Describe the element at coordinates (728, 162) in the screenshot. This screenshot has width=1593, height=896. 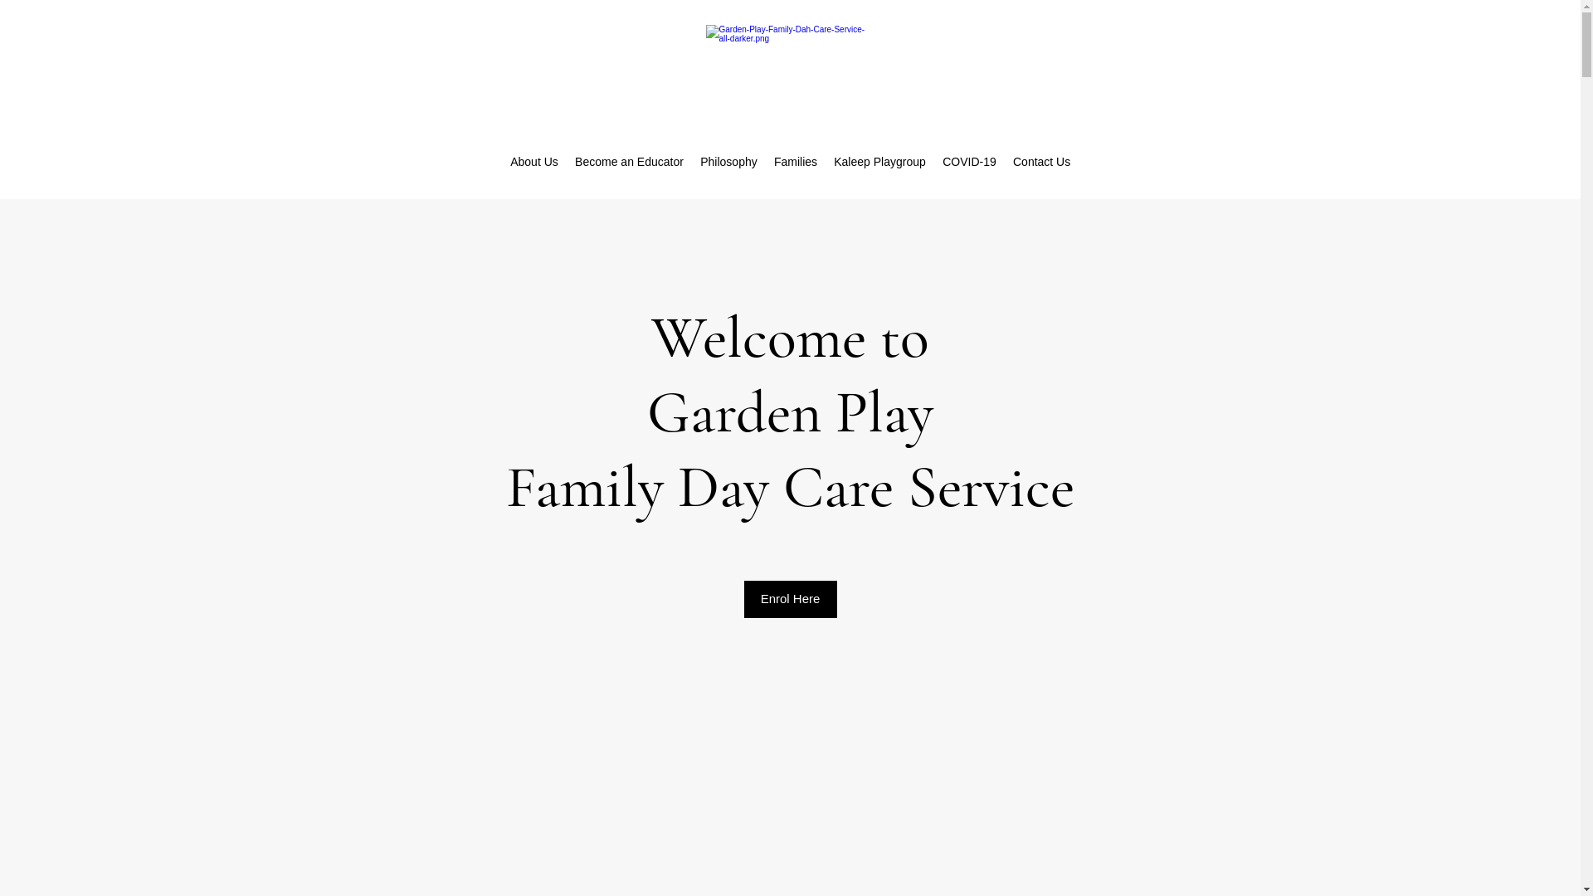
I see `'Philosophy'` at that location.